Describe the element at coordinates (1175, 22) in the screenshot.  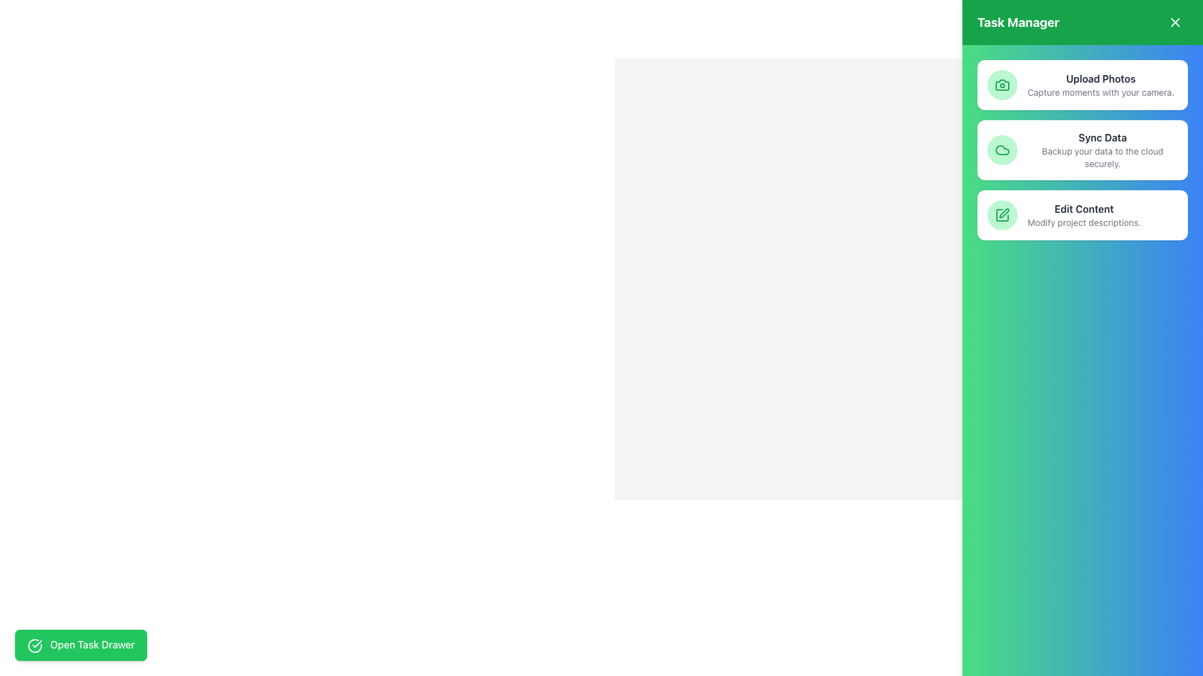
I see `the close icon button located at the top-right corner of the 'Task Manager' green header bar` at that location.